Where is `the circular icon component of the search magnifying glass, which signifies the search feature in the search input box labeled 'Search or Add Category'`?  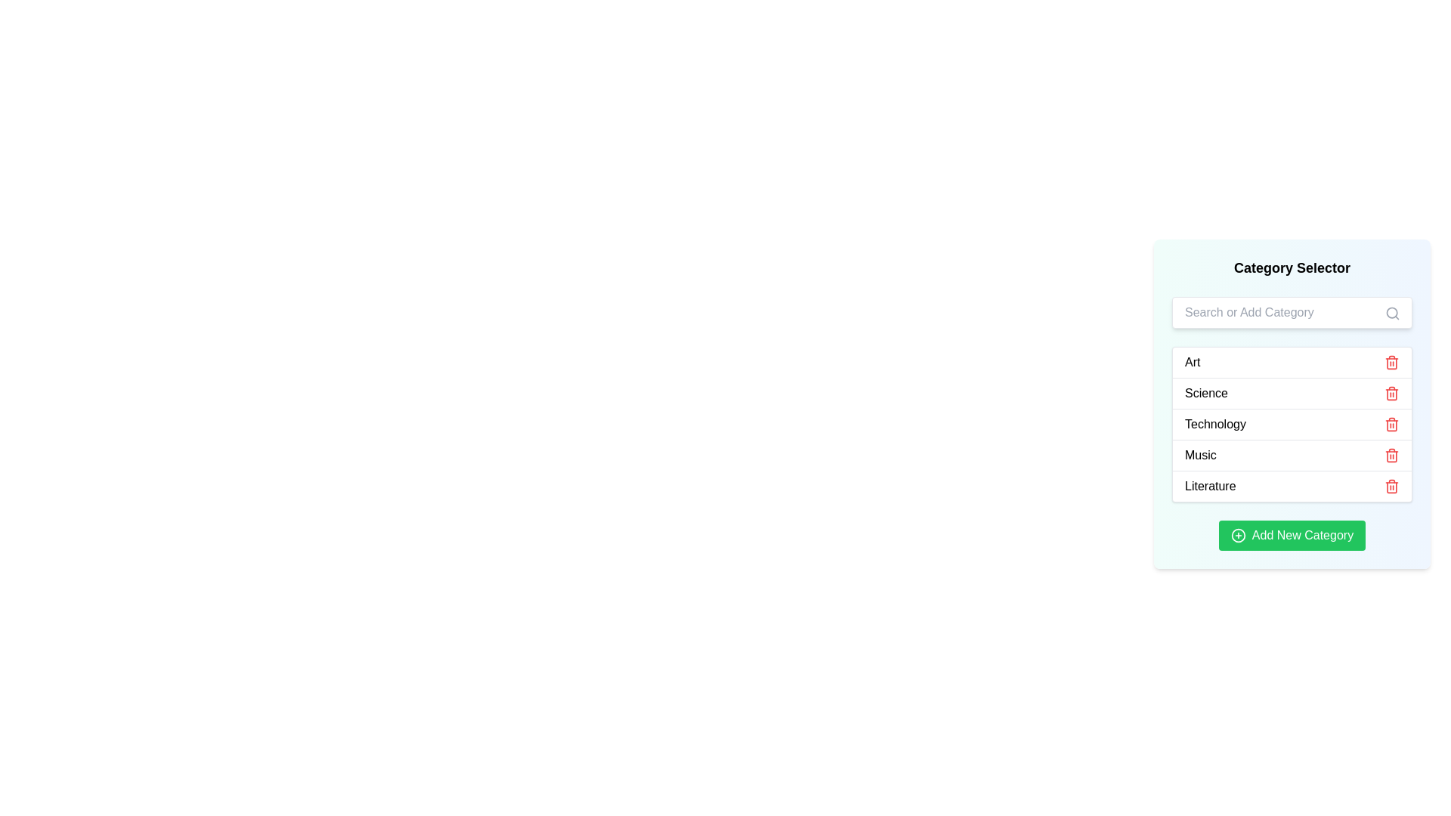
the circular icon component of the search magnifying glass, which signifies the search feature in the search input box labeled 'Search or Add Category' is located at coordinates (1391, 312).